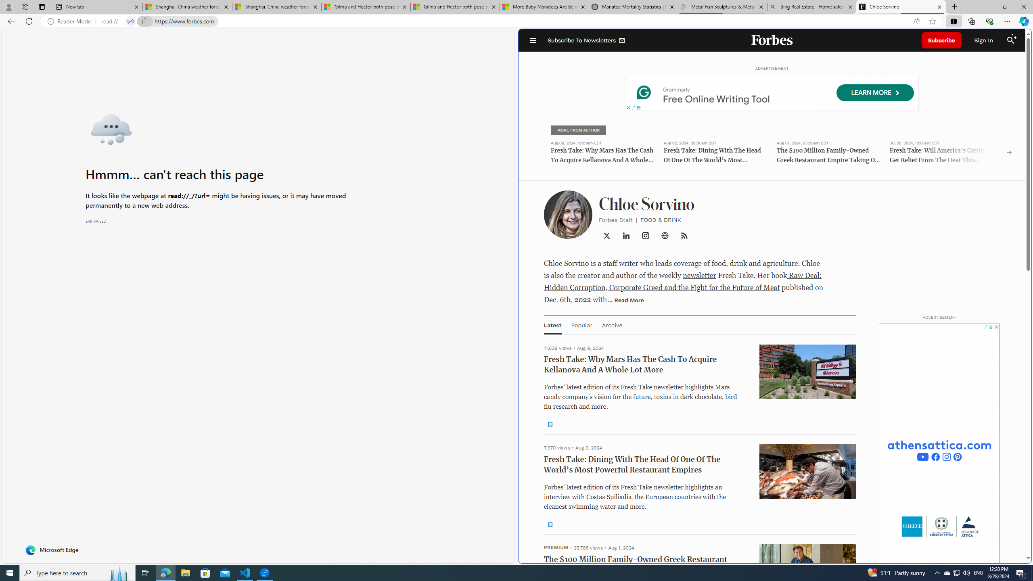  What do you see at coordinates (625, 299) in the screenshot?
I see `'... Read More'` at bounding box center [625, 299].